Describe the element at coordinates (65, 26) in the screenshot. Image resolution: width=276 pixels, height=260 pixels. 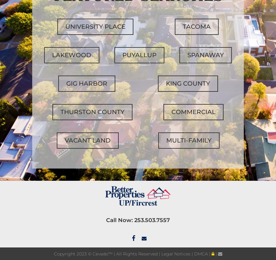
I see `'University Place'` at that location.